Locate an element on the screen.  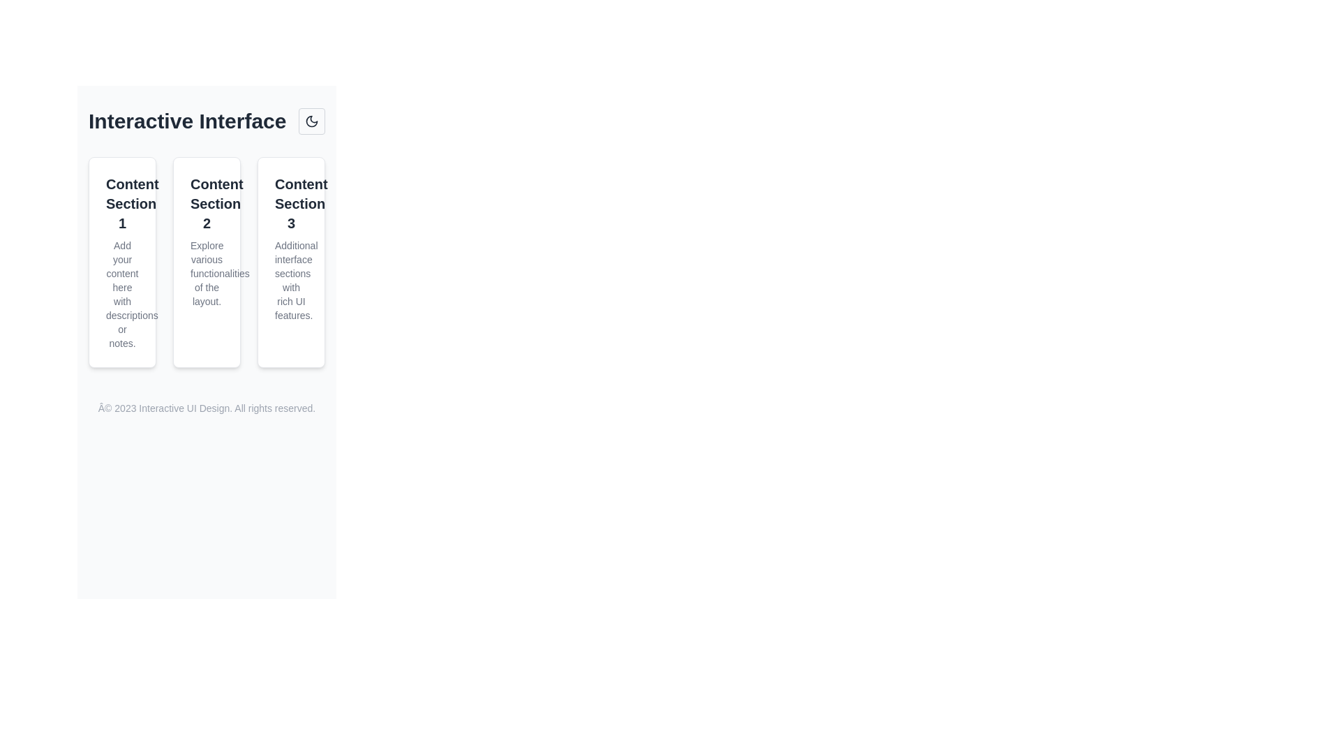
the text label displaying 'Interactive Interface', which is bold, large, and positioned at the top of the interface, aligned to the left is located at coordinates (186, 120).